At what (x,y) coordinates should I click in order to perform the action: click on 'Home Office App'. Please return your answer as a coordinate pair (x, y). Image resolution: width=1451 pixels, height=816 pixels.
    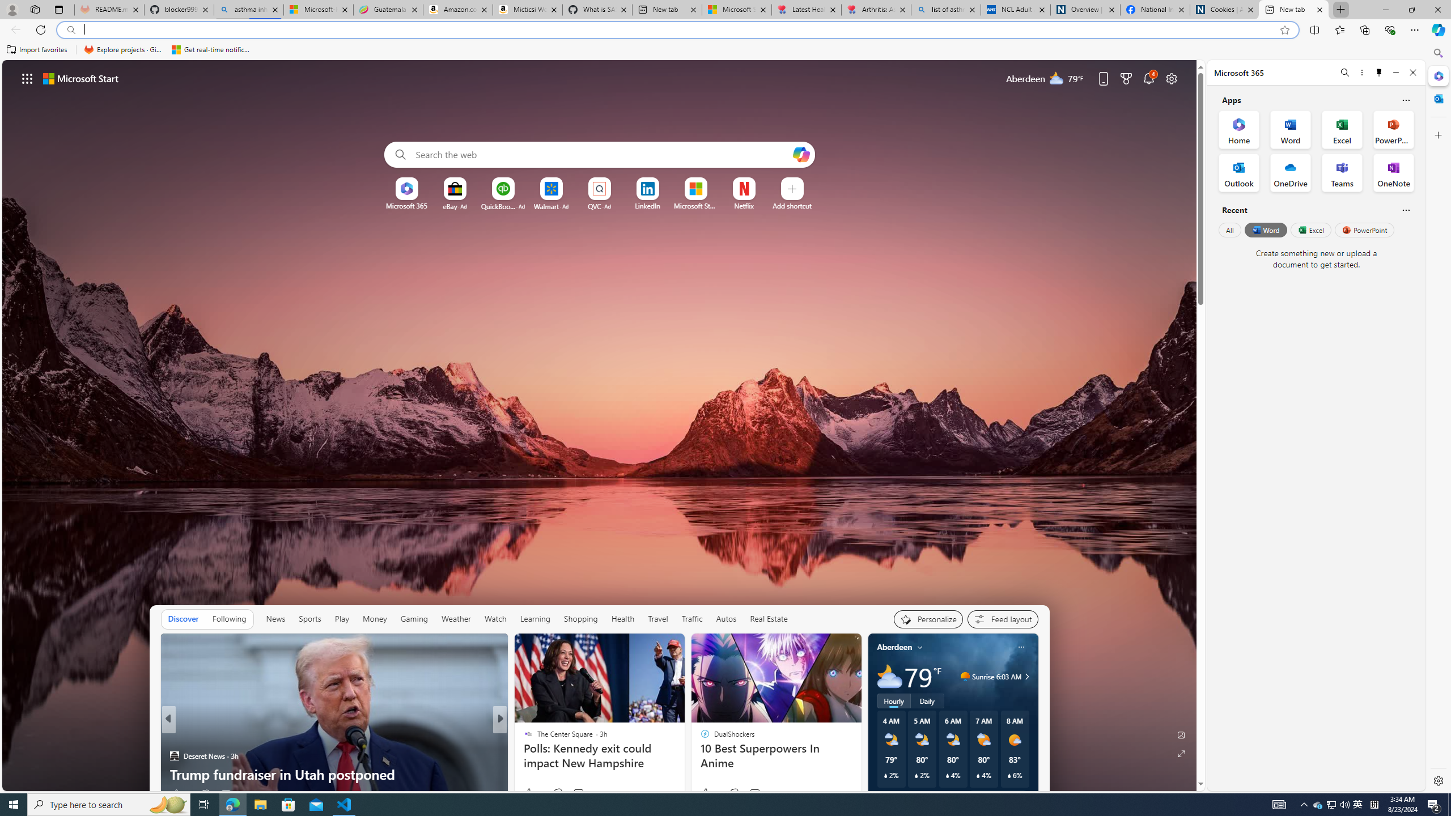
    Looking at the image, I should click on (1238, 129).